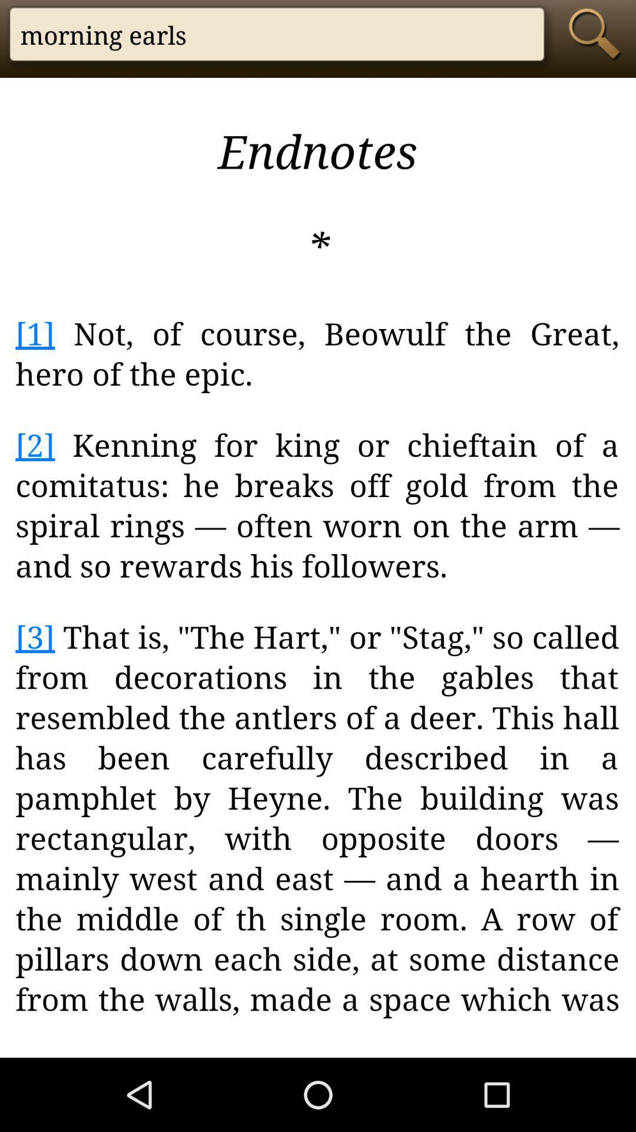  I want to click on the search icon, so click(598, 34).